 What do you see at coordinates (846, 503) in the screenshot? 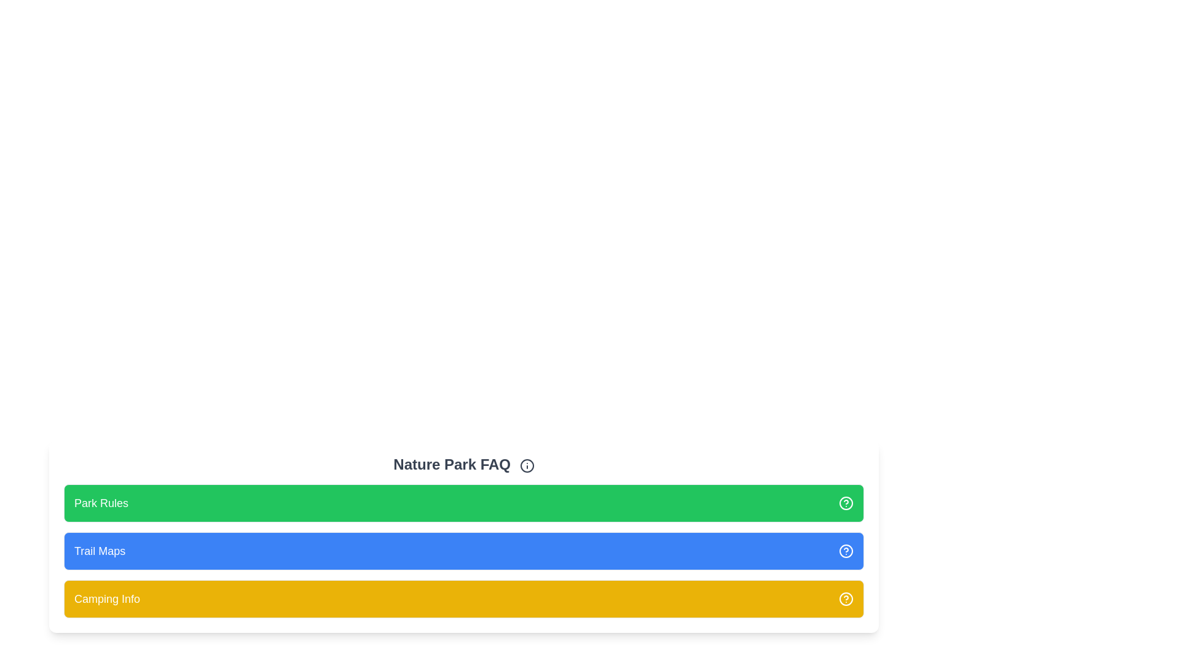
I see `the help icon located on the far right of the 'Park Rules' section` at bounding box center [846, 503].